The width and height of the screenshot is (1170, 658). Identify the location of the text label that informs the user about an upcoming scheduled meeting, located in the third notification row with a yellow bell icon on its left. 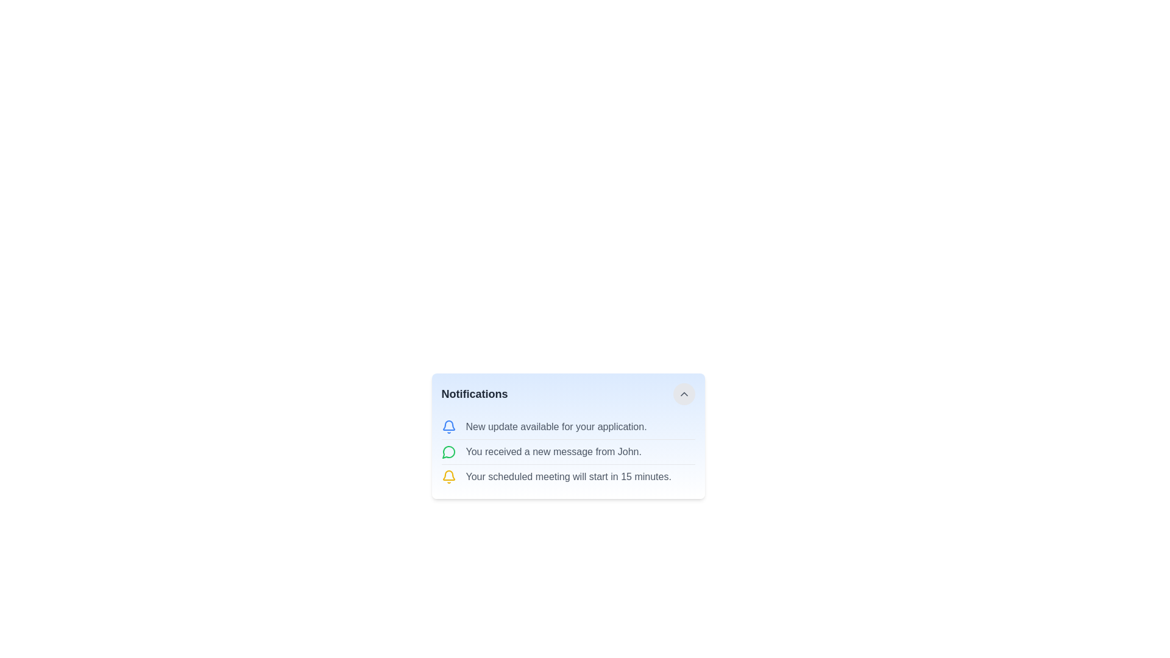
(568, 476).